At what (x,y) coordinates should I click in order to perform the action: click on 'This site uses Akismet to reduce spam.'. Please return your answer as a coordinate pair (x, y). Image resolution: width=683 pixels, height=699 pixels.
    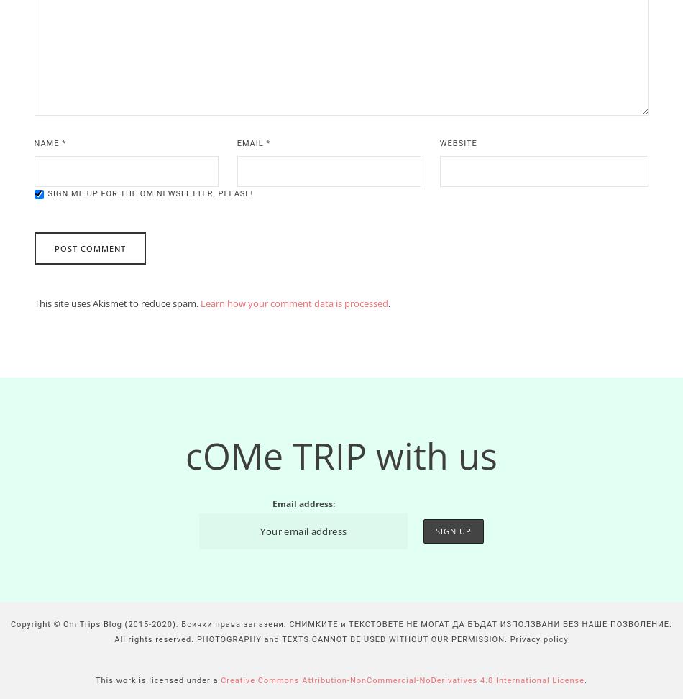
    Looking at the image, I should click on (116, 303).